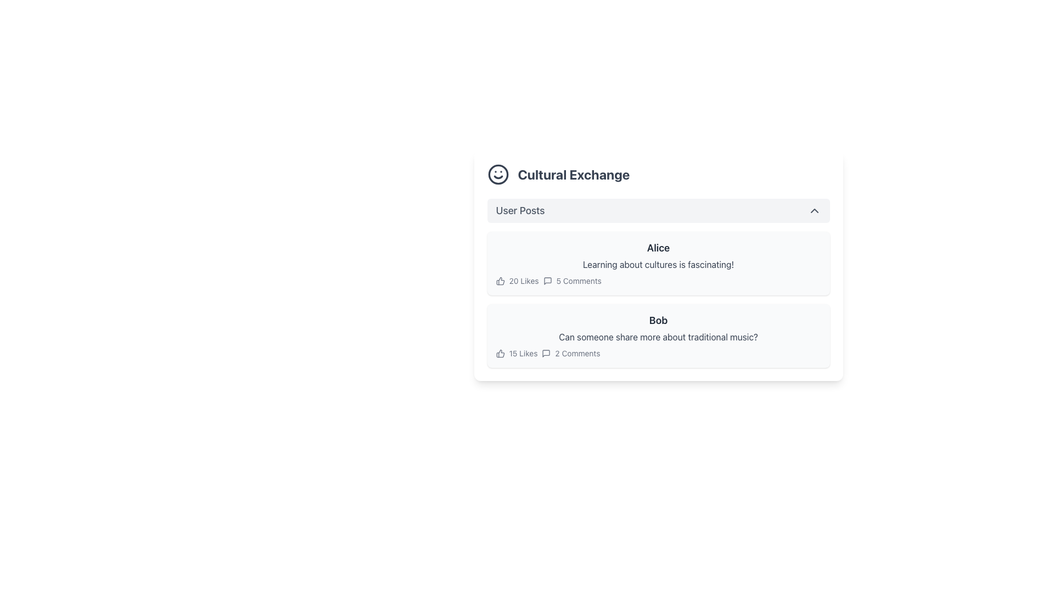  Describe the element at coordinates (500, 354) in the screenshot. I see `the thumbs-up icon representing likes, located adjacent to the '15 Likes' text in the second post of the 'Cultural Exchange' section` at that location.